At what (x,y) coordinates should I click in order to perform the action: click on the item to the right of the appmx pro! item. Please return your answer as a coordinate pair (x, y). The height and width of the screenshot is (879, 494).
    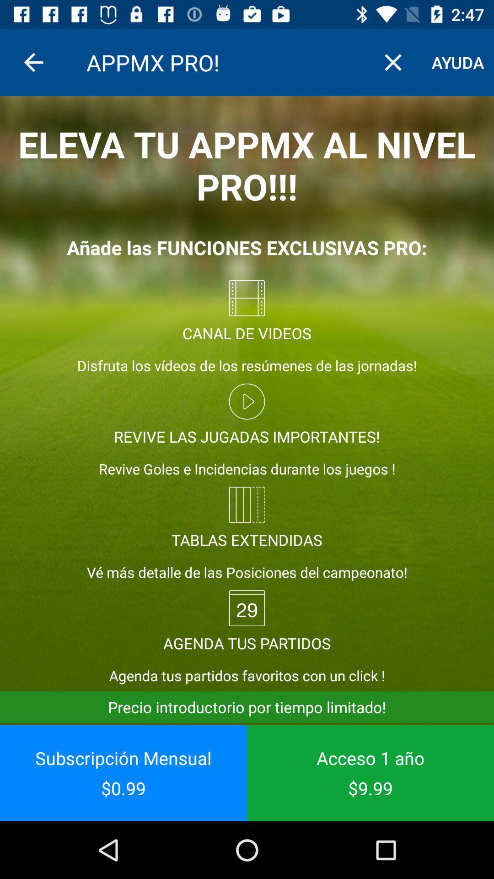
    Looking at the image, I should click on (392, 62).